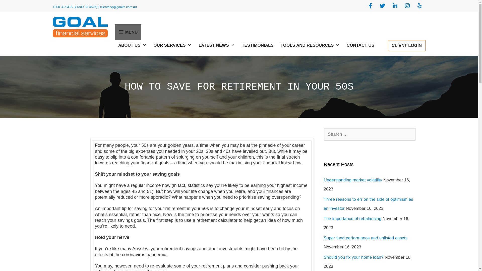 The width and height of the screenshot is (482, 271). What do you see at coordinates (407, 45) in the screenshot?
I see `'CLIENT LOGIN'` at bounding box center [407, 45].